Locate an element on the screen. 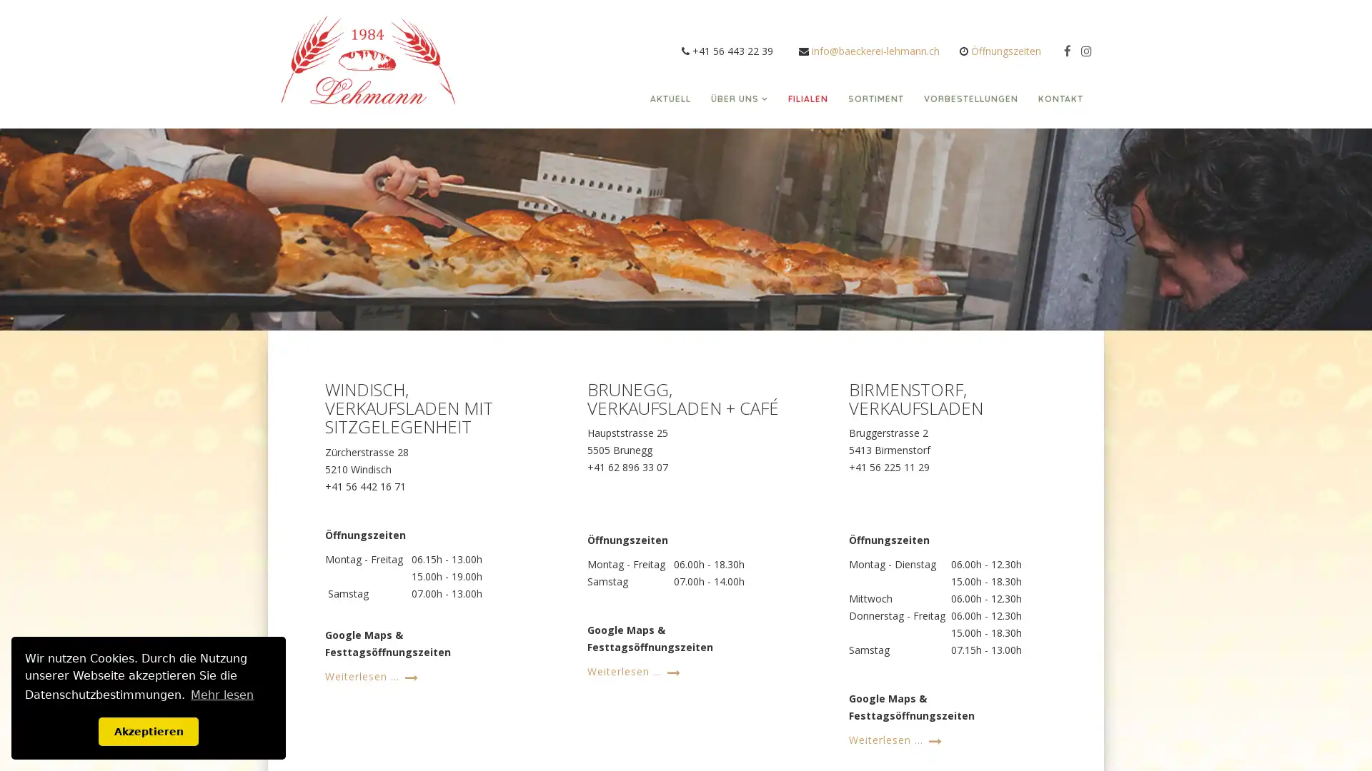  dismiss cookie message is located at coordinates (148, 731).